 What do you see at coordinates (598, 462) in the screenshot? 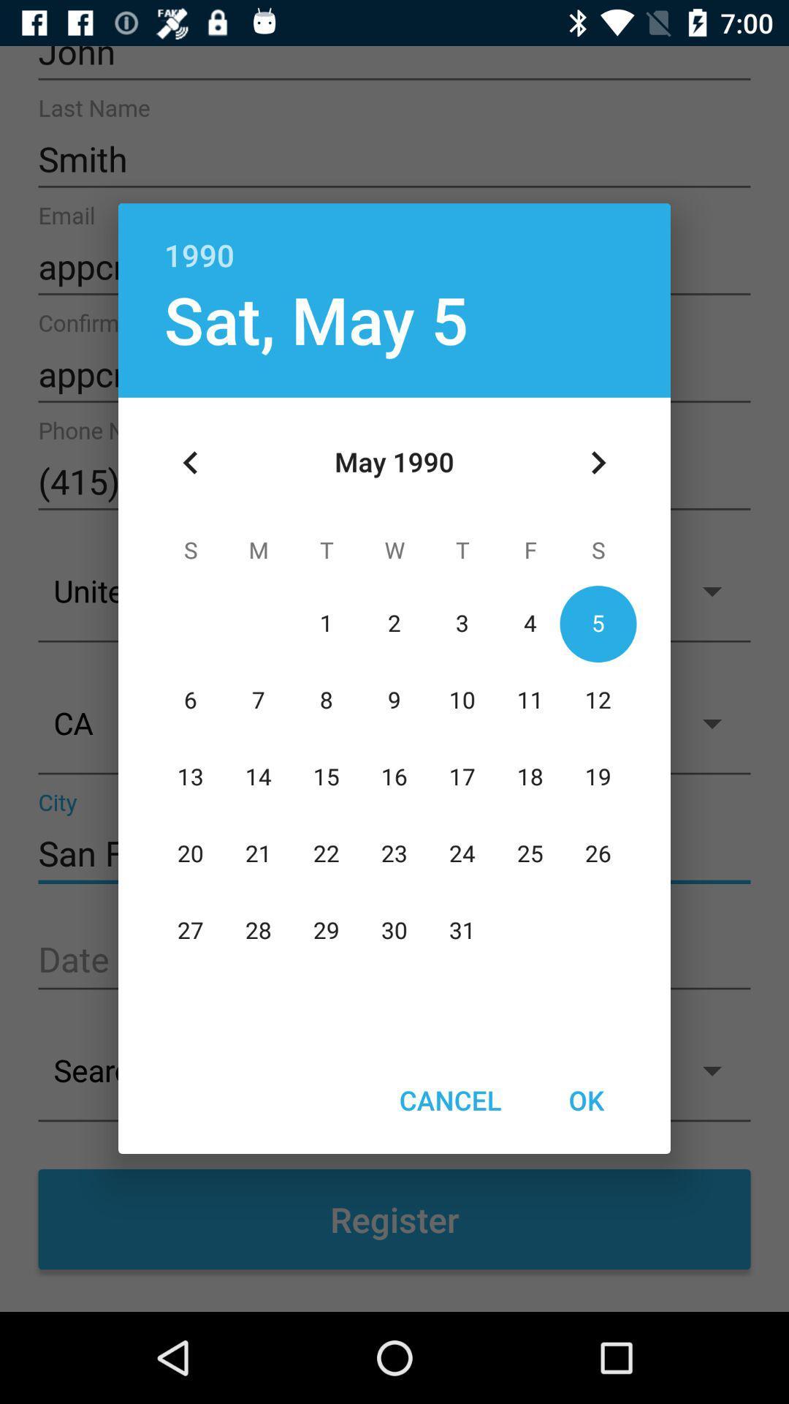
I see `the item at the top right corner` at bounding box center [598, 462].